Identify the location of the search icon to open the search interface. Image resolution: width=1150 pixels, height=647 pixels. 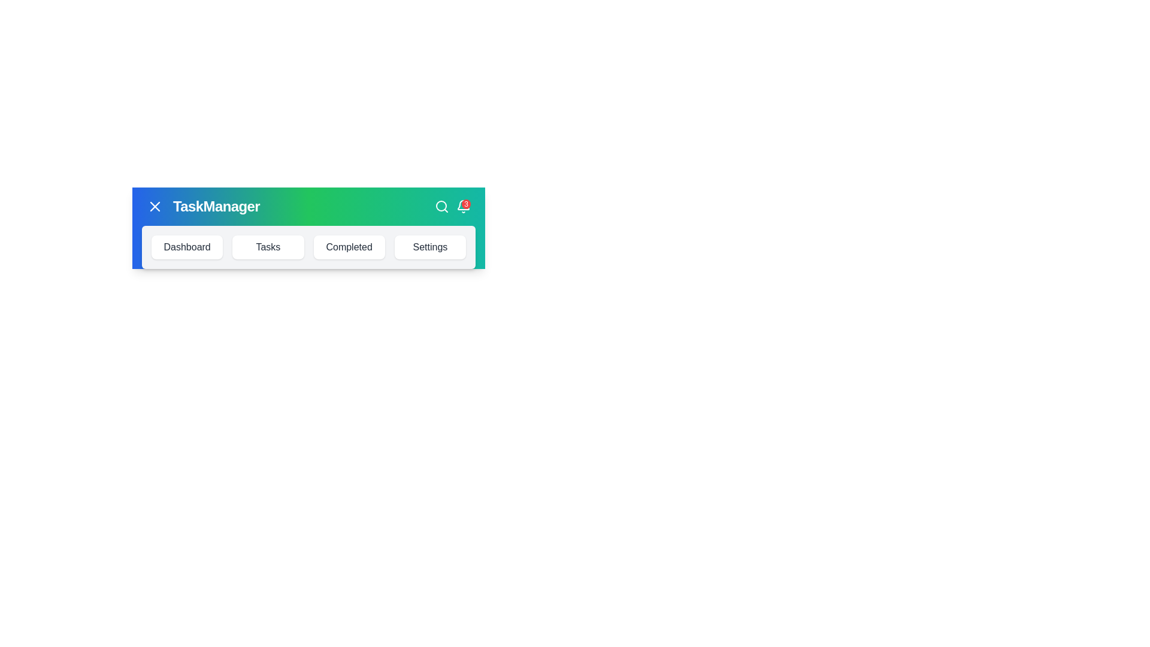
(441, 205).